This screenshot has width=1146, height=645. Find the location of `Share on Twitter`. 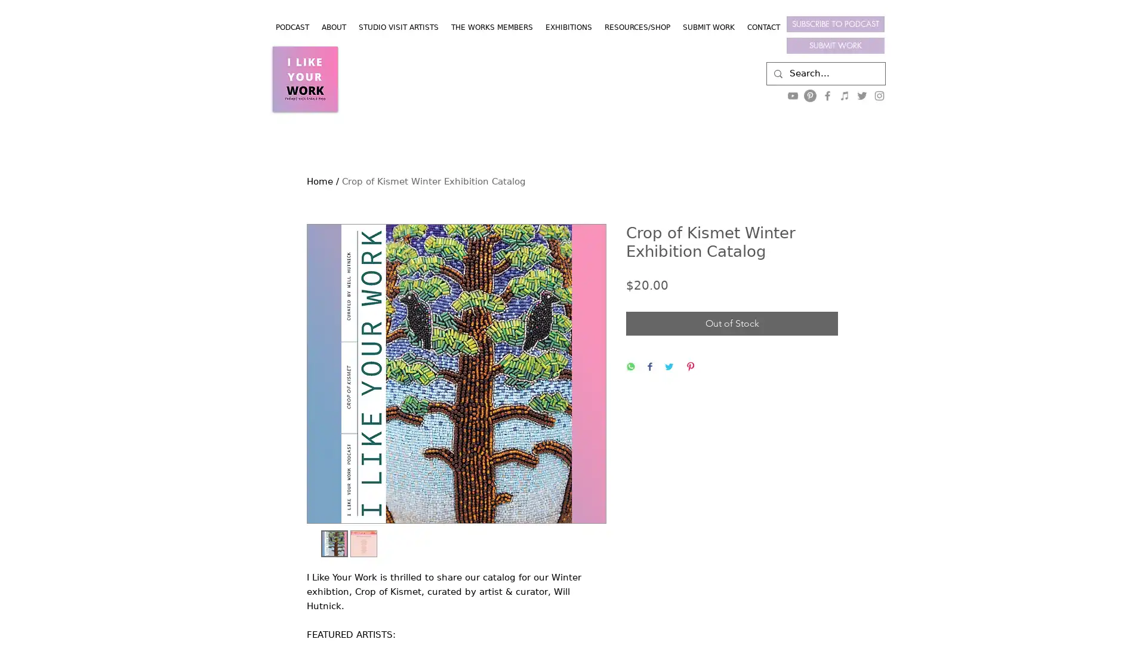

Share on Twitter is located at coordinates (669, 367).